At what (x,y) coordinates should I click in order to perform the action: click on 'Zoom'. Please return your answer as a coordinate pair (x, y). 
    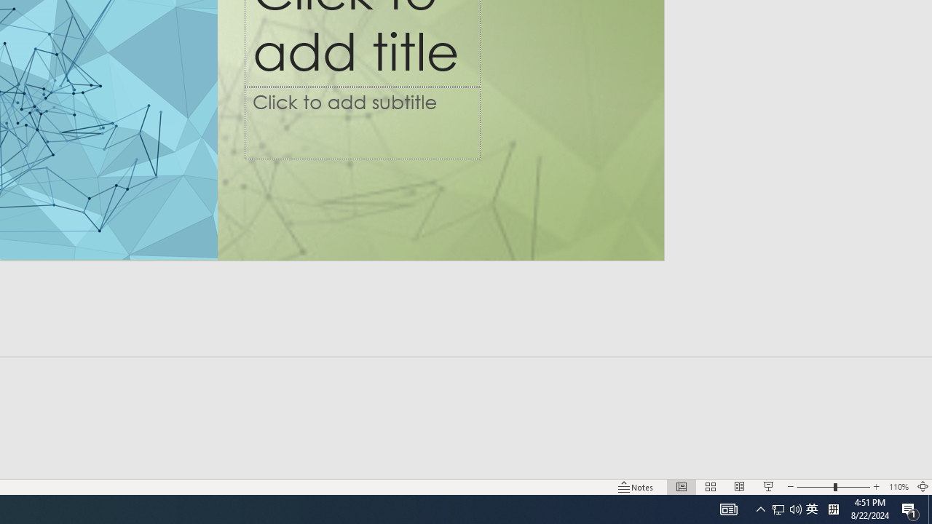
    Looking at the image, I should click on (833, 487).